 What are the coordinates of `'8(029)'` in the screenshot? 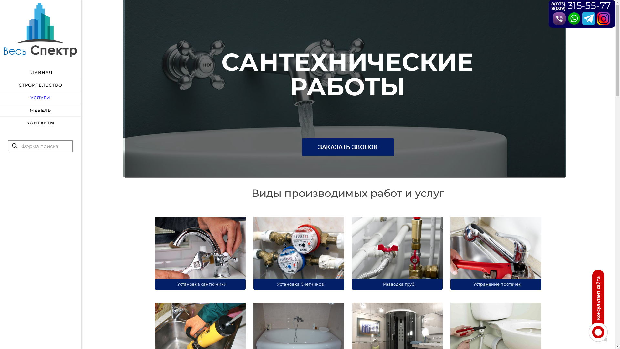 It's located at (551, 8).